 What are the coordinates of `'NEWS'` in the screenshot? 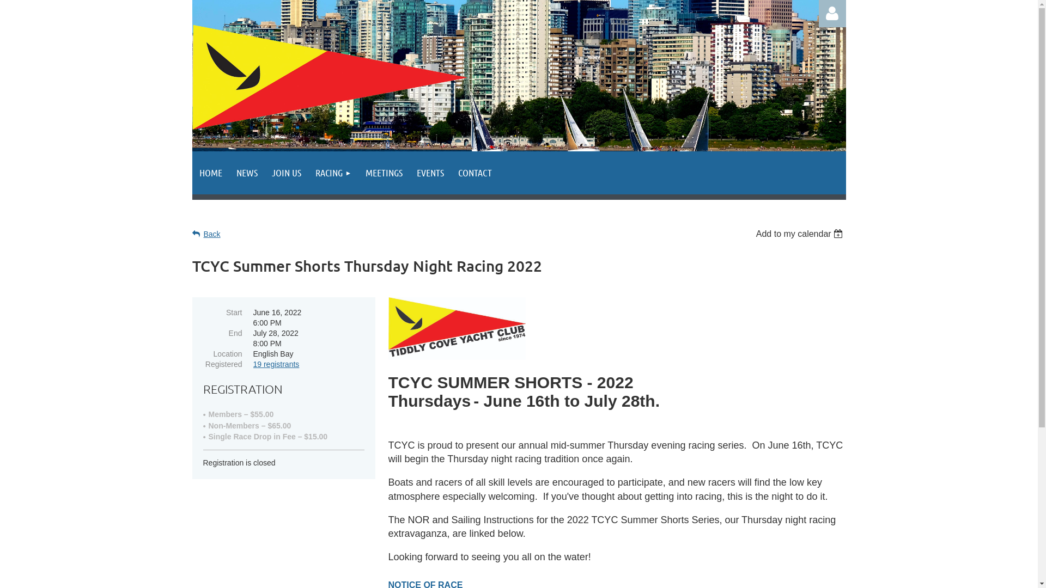 It's located at (228, 172).